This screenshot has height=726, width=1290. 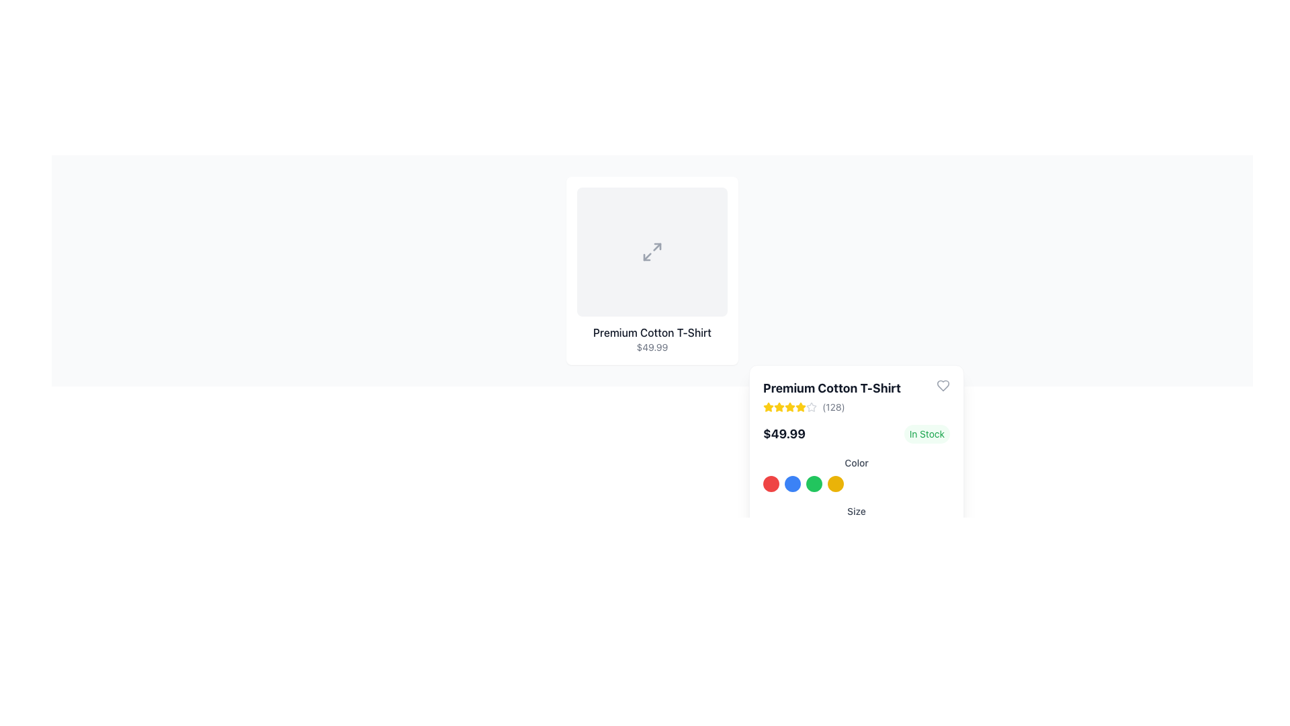 I want to click on the hollow light gray star icon in the rating section at the top-left corner of the product information card, so click(x=811, y=406).